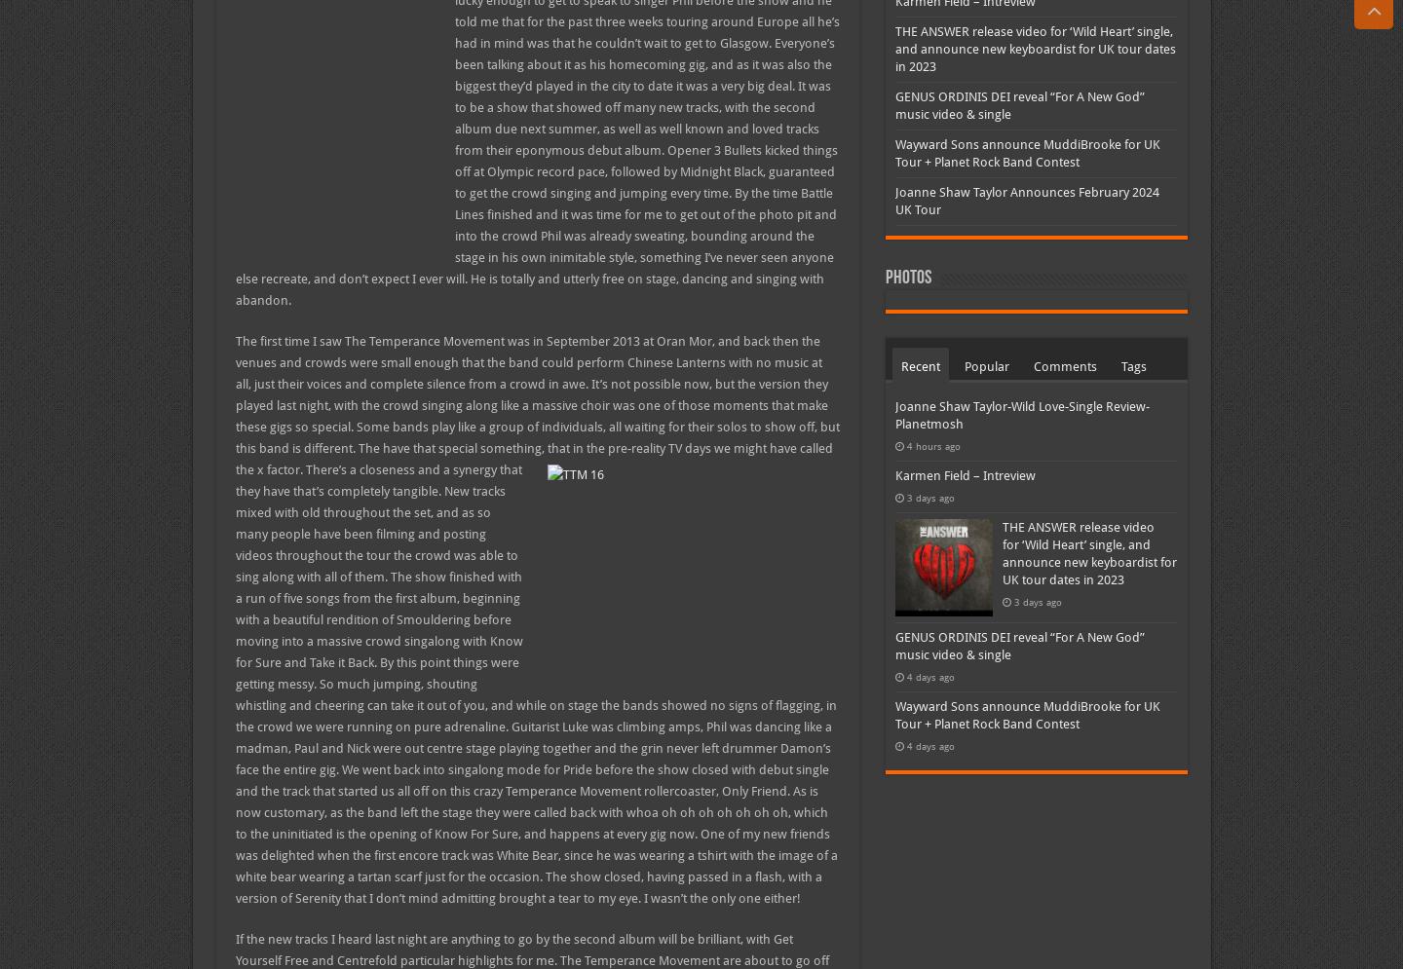 The height and width of the screenshot is (969, 1403). I want to click on 'Joanne Shaw Taylor-Wild Love-Single Review-Planetmosh', so click(1021, 413).